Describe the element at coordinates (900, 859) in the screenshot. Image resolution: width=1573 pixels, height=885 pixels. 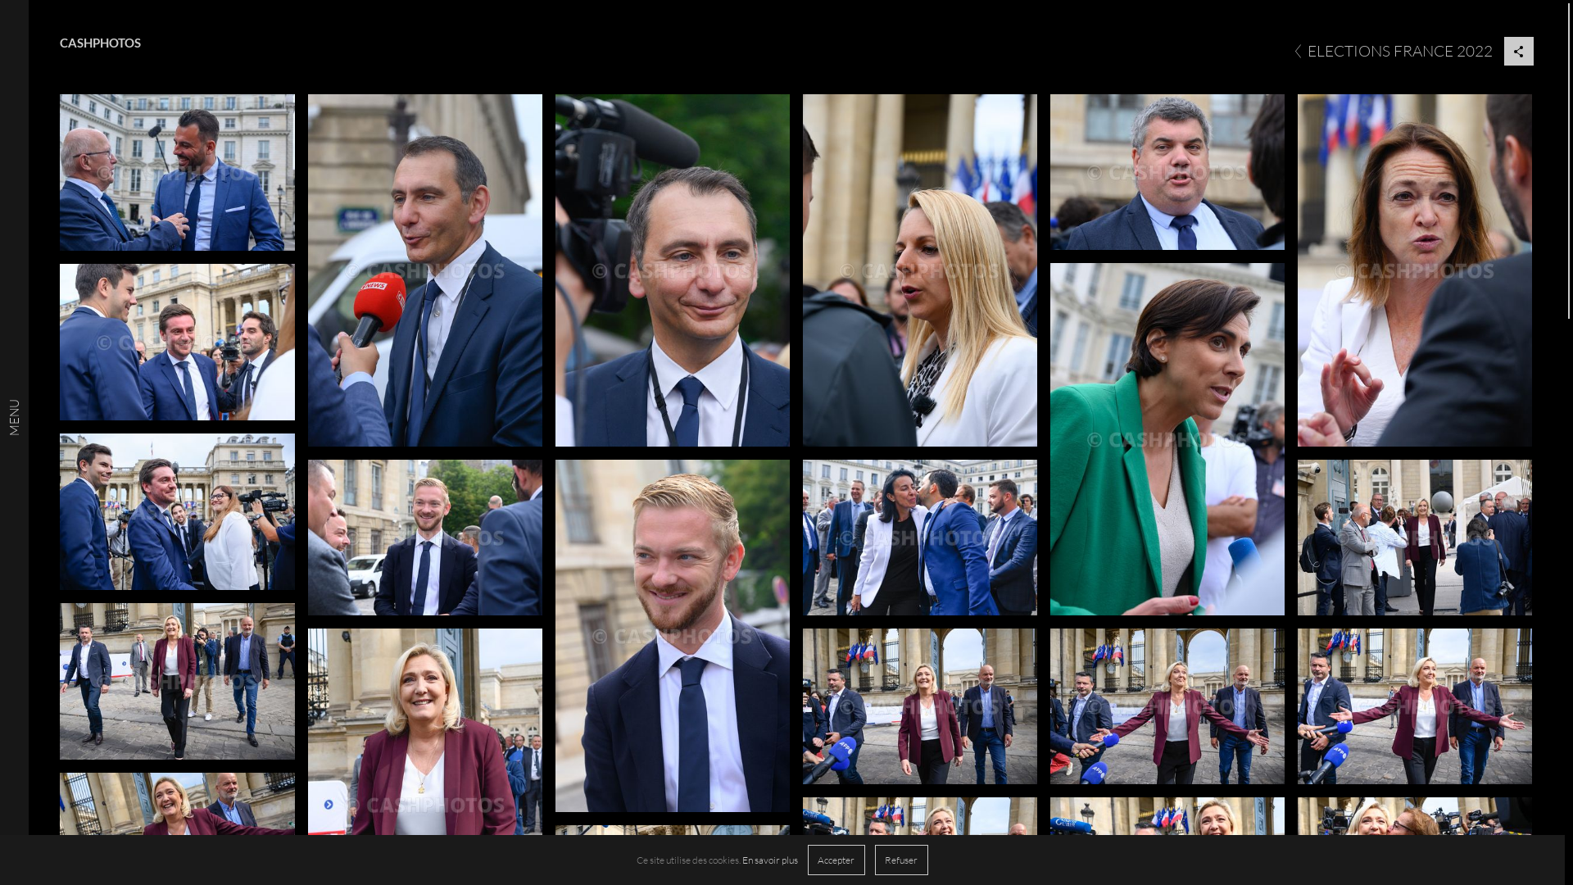
I see `'Refuser'` at that location.